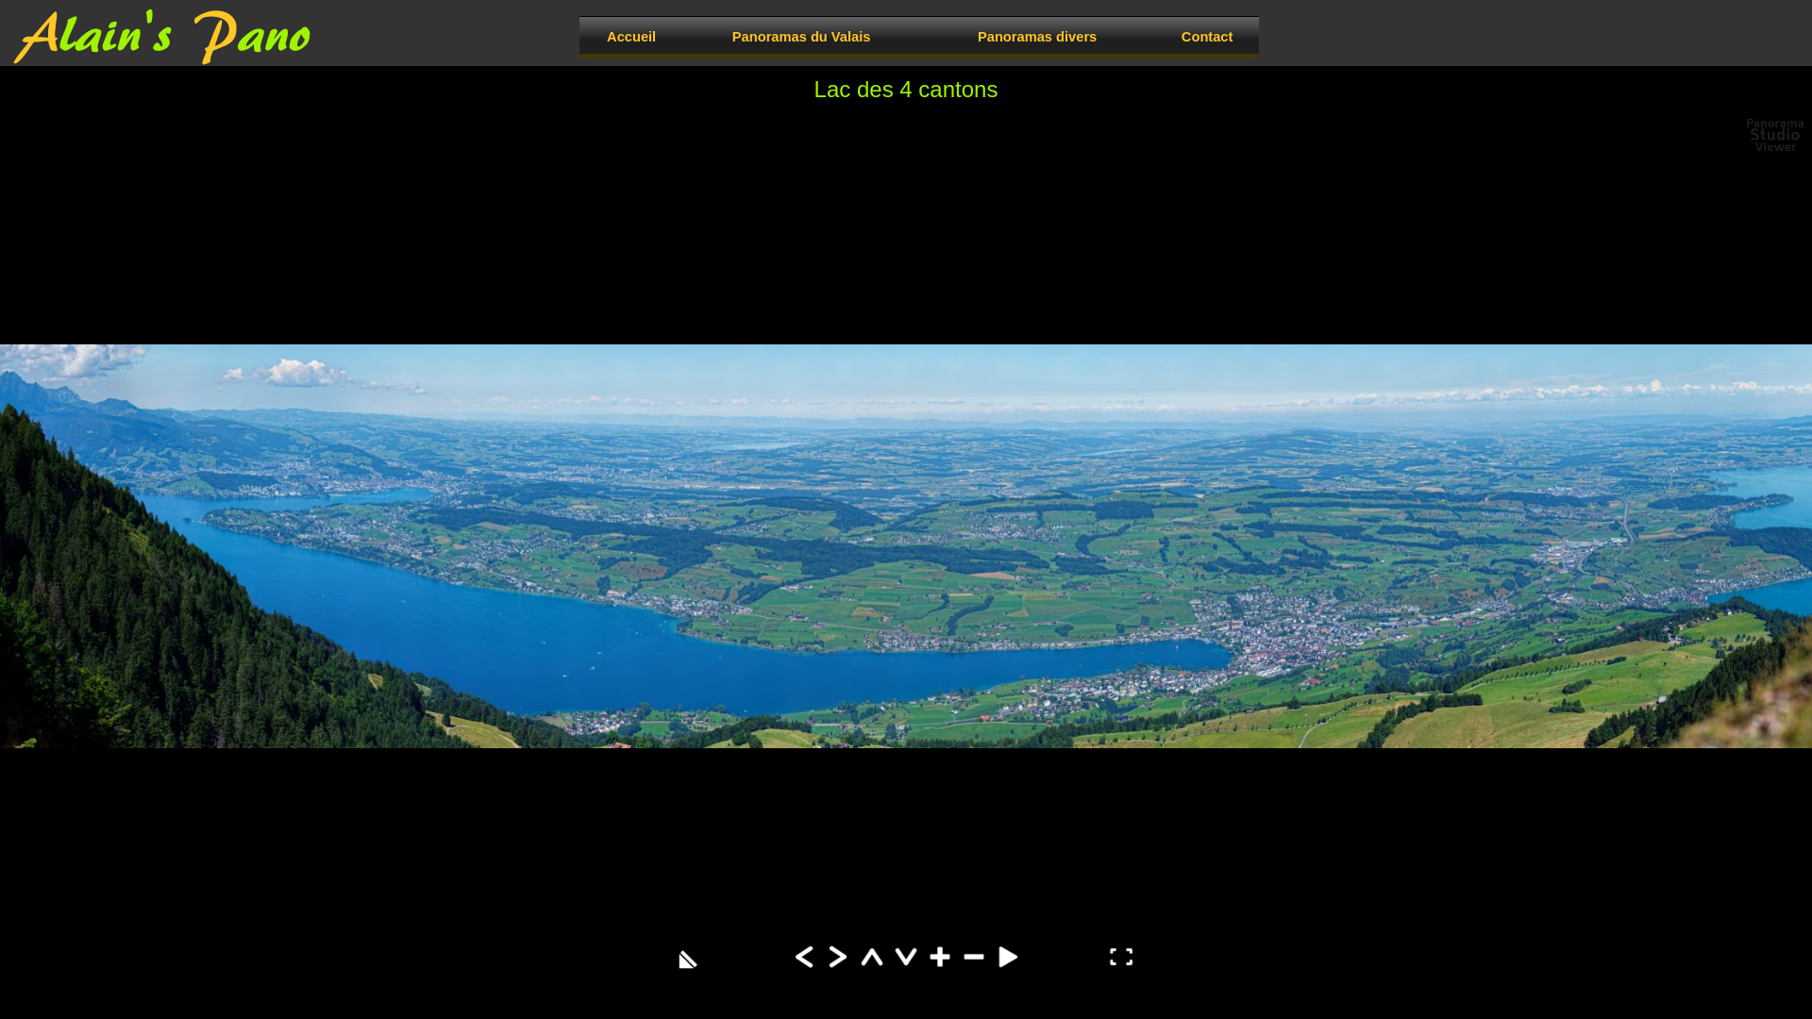 The height and width of the screenshot is (1019, 1812). I want to click on 'Panoramas du Valais', so click(801, 36).